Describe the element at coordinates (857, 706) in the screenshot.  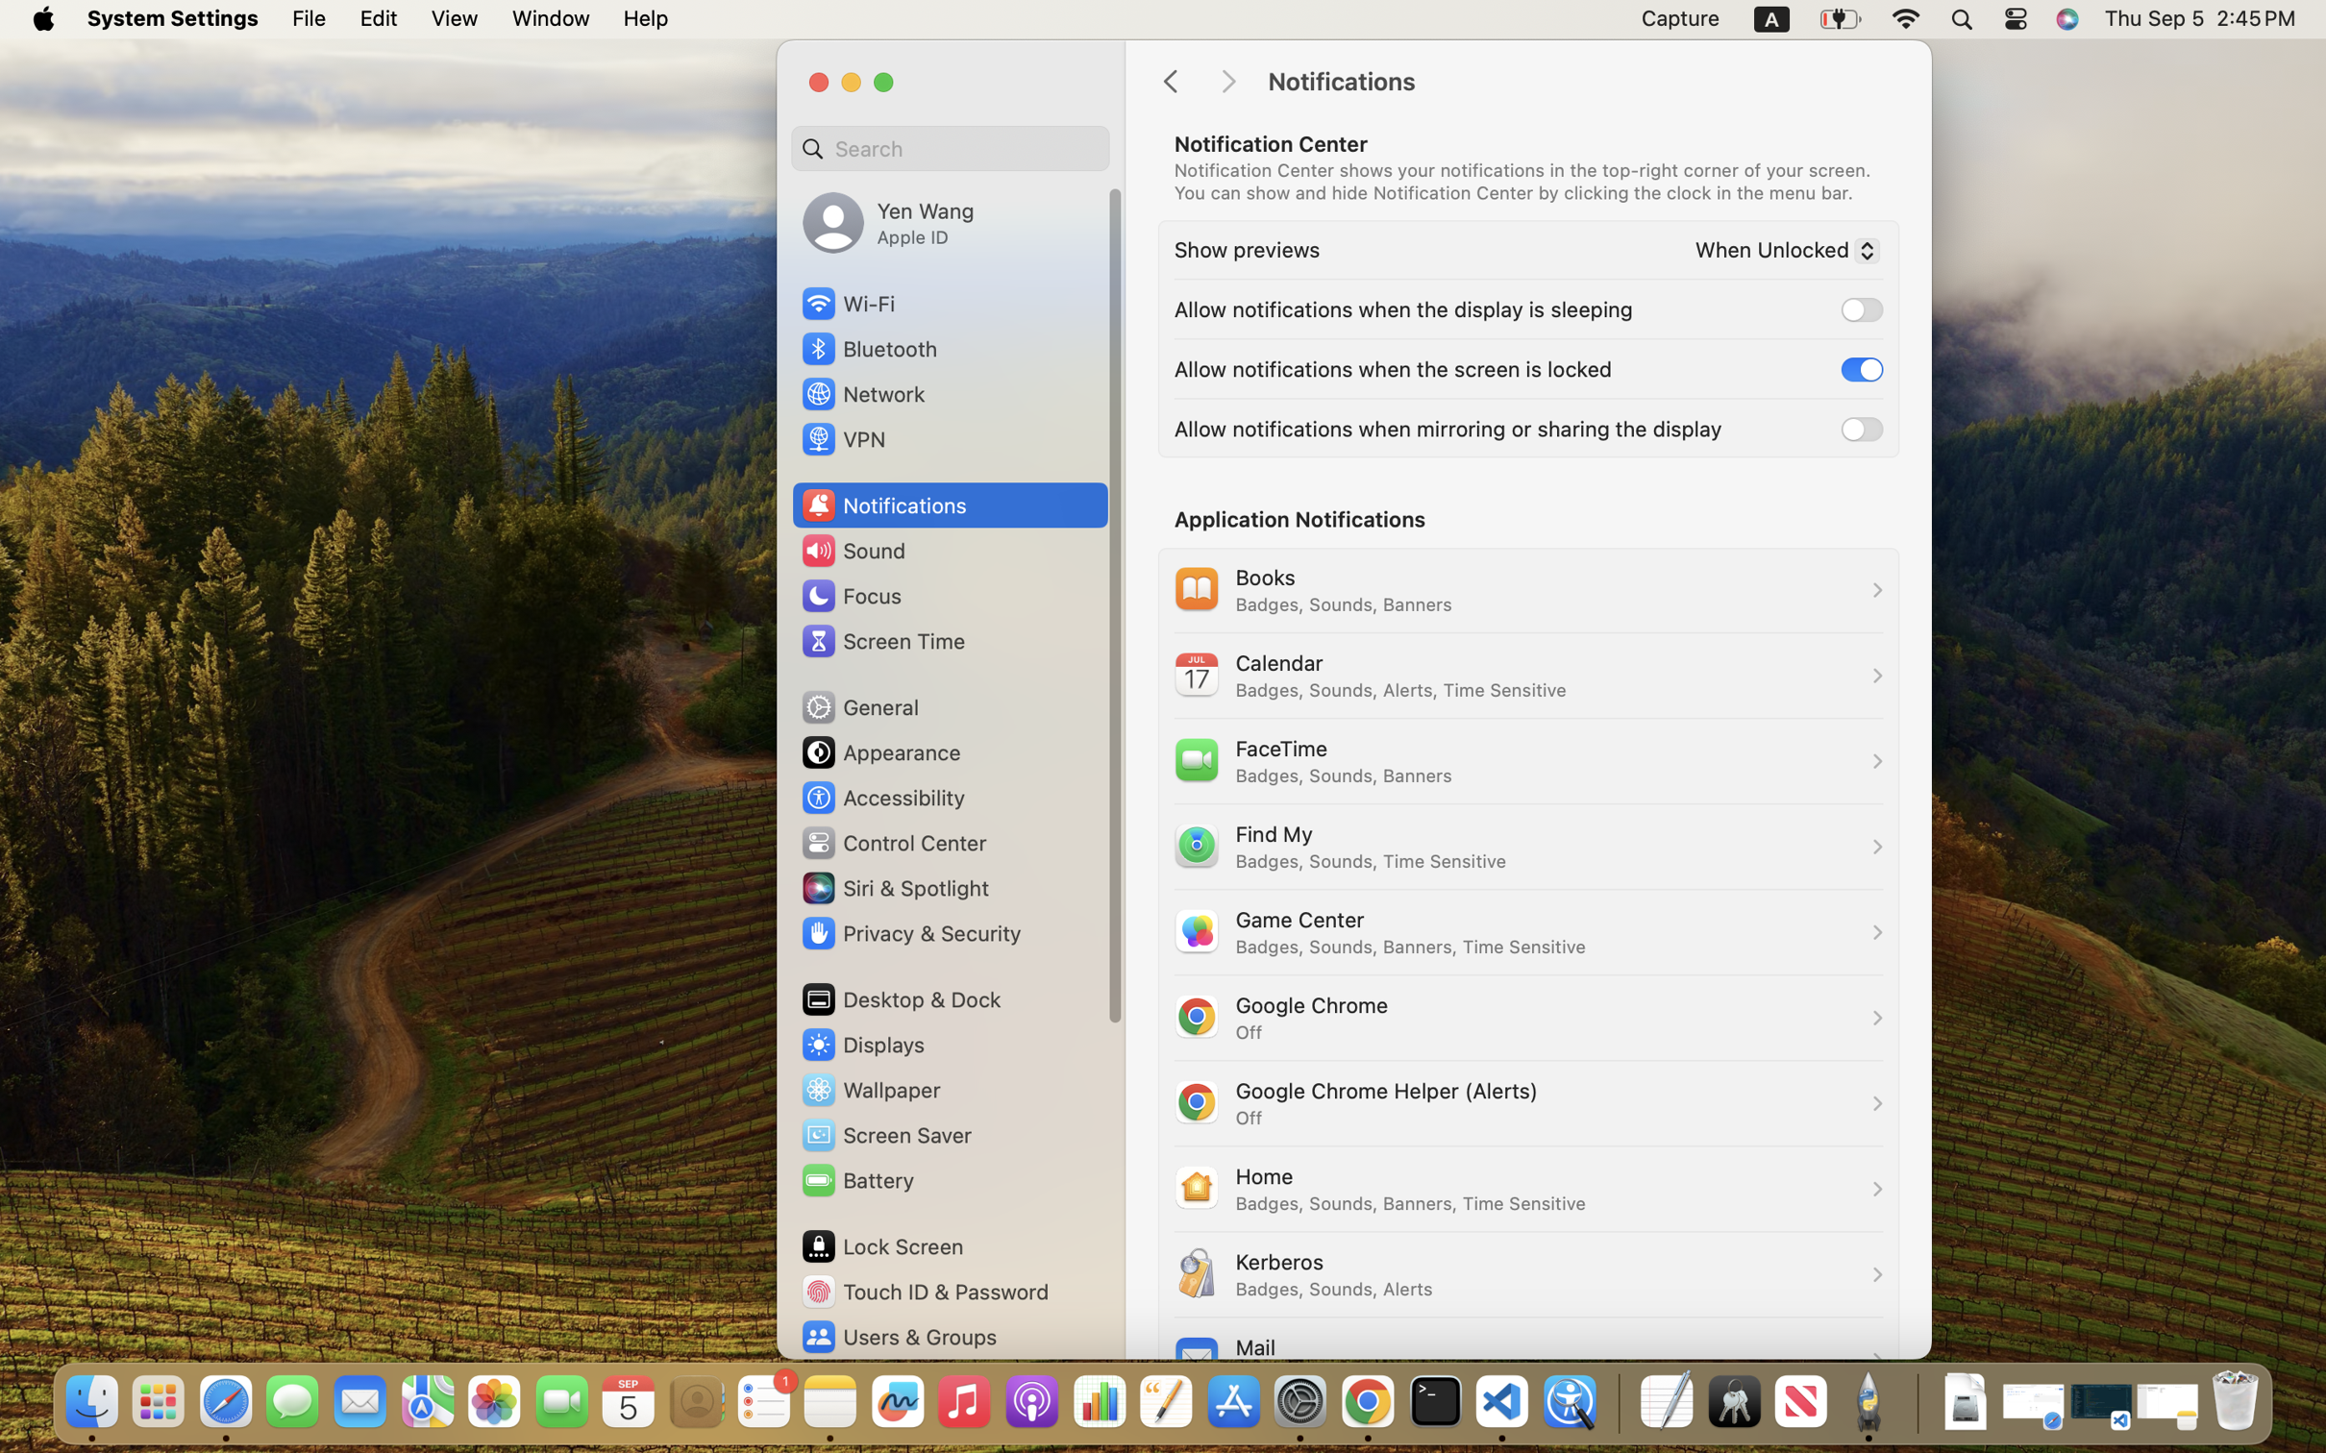
I see `'General'` at that location.